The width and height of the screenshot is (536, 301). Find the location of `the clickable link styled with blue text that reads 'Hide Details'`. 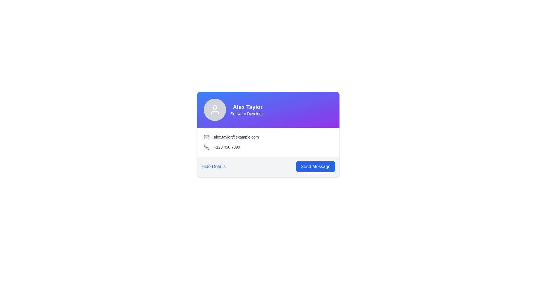

the clickable link styled with blue text that reads 'Hide Details' is located at coordinates (213, 166).